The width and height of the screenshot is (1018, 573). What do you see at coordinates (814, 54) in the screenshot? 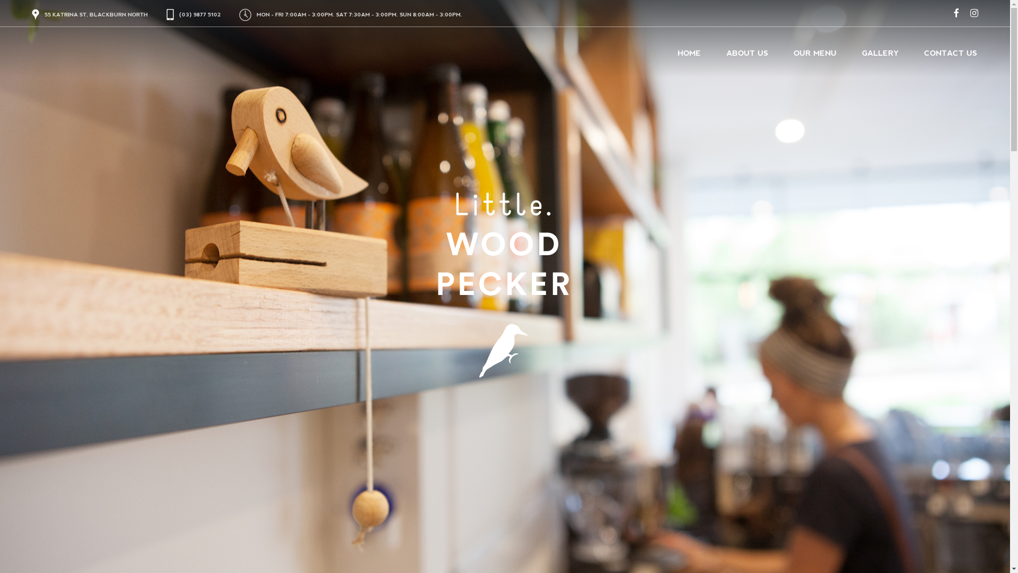
I see `'OUR MENU'` at bounding box center [814, 54].